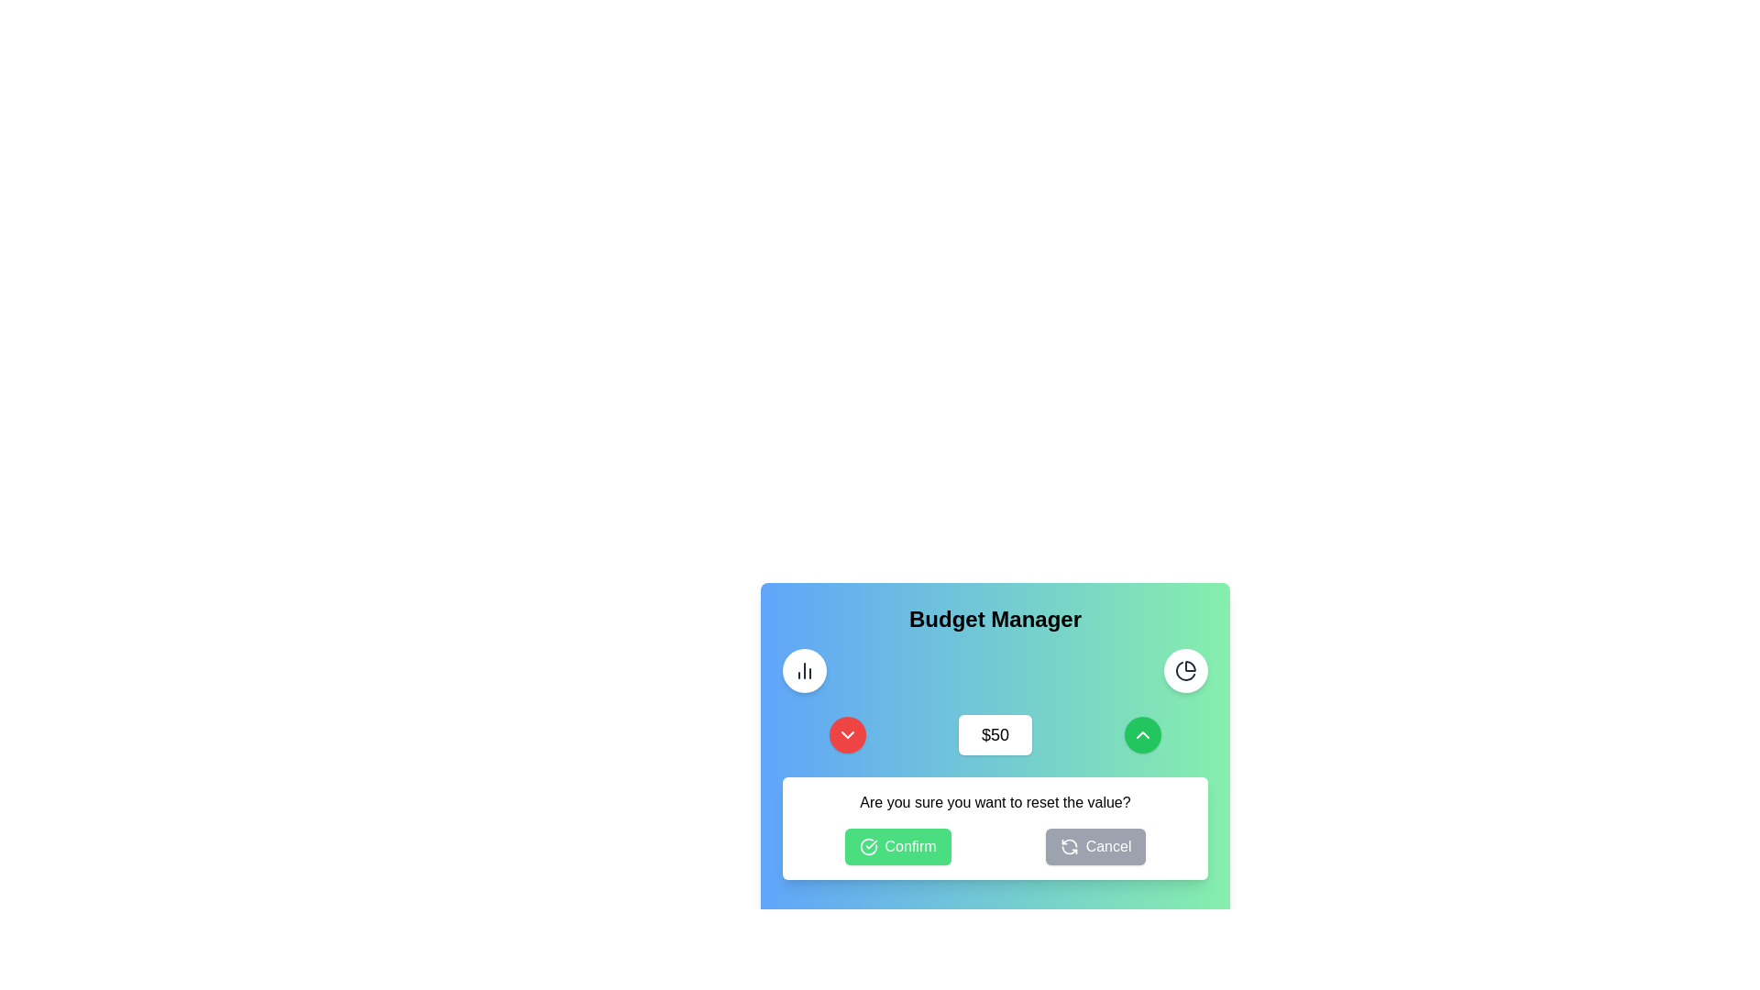  I want to click on the small triangular icon pointing upwards within the green circular button located in the upper-right quadrant of the floating card interface to increment a value, so click(1142, 734).